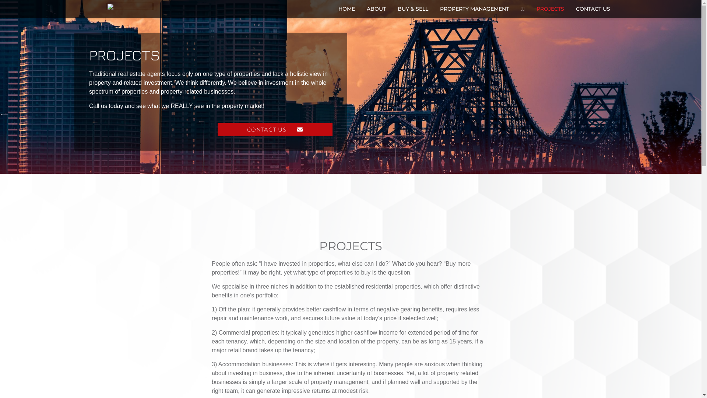 The height and width of the screenshot is (398, 707). I want to click on 'BUY & SELL', so click(413, 8).